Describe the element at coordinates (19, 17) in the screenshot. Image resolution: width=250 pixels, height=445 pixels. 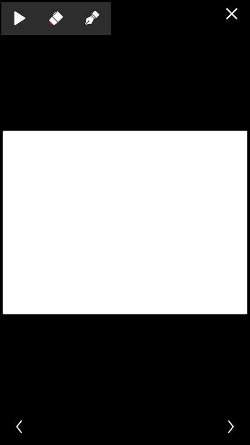
I see `the play icon` at that location.